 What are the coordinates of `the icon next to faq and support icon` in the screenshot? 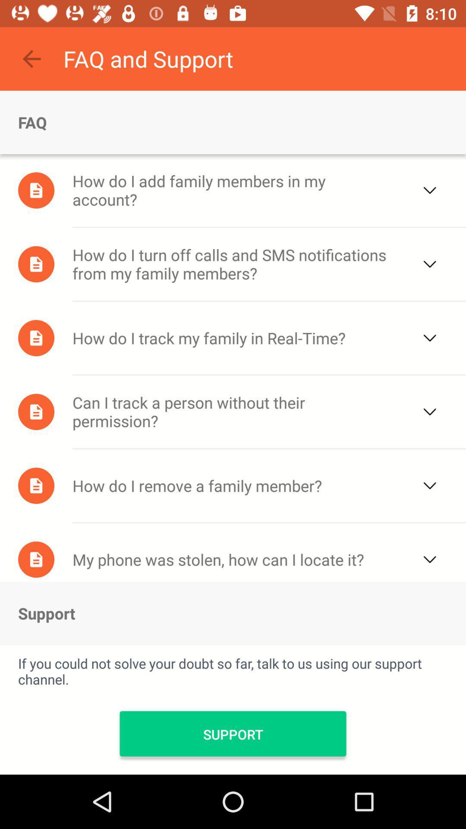 It's located at (31, 58).